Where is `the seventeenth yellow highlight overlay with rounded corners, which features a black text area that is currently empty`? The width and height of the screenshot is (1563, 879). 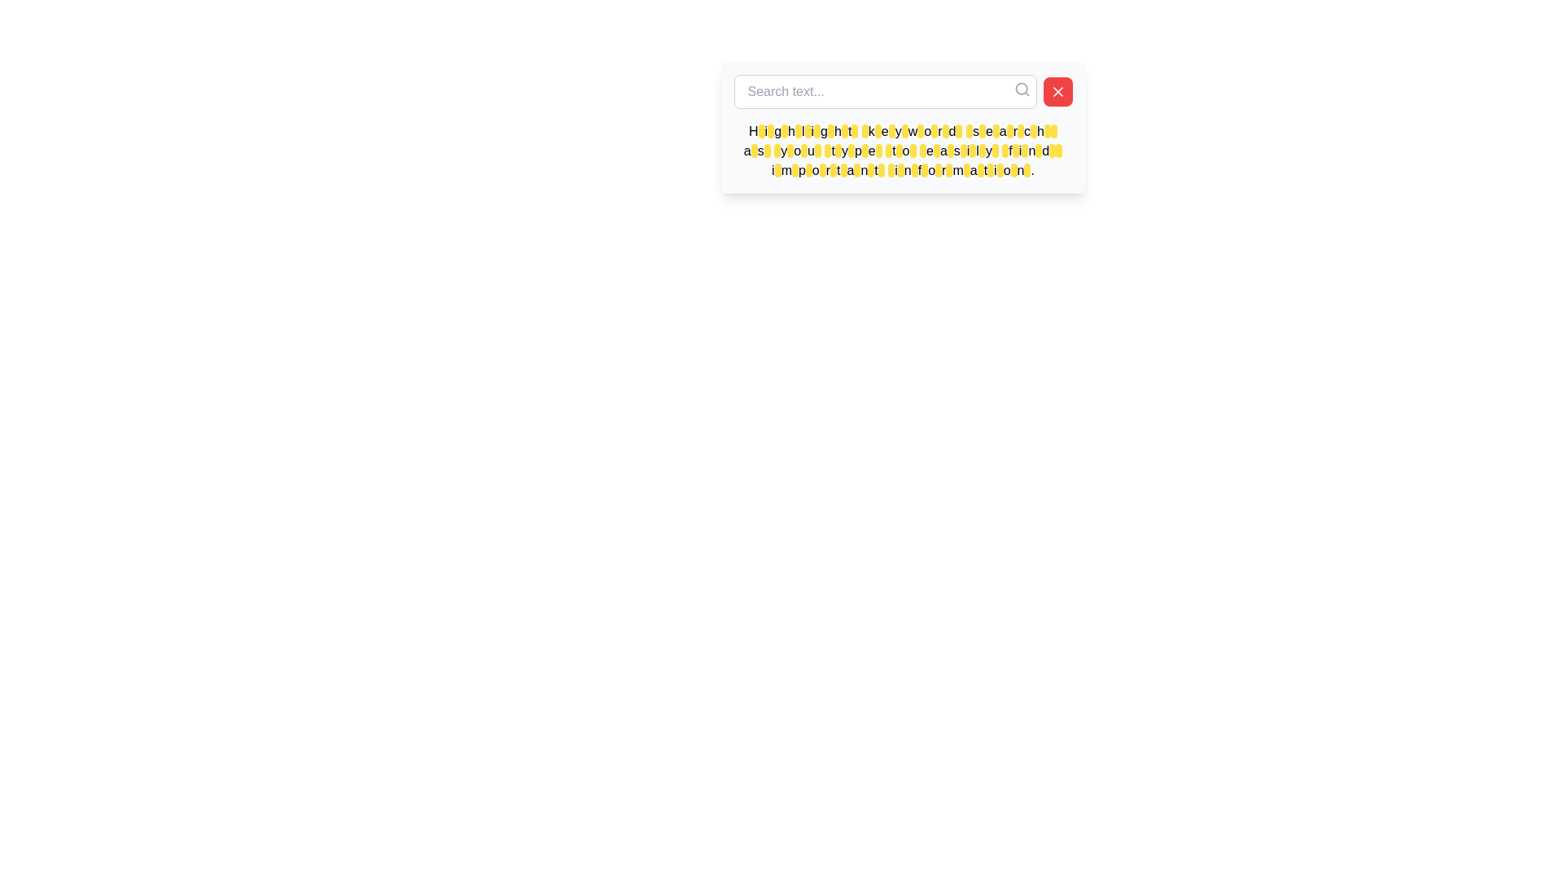 the seventeenth yellow highlight overlay with rounded corners, which features a black text area that is currently empty is located at coordinates (922, 151).